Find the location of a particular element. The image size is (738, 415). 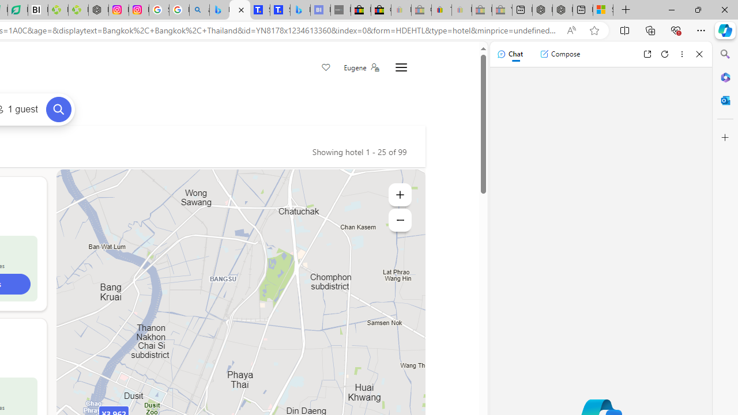

'Save' is located at coordinates (325, 68).